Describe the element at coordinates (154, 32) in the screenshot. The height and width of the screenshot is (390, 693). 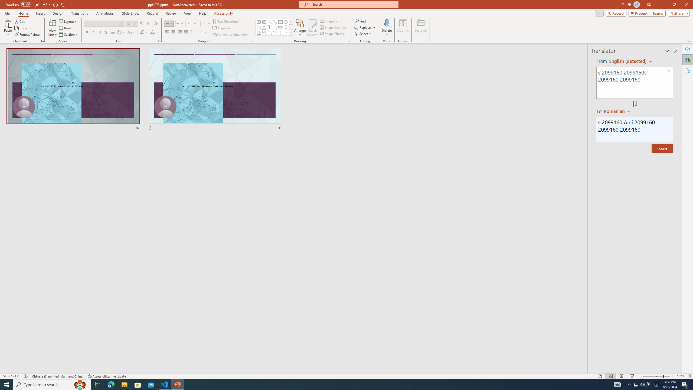
I see `'Font Color'` at that location.